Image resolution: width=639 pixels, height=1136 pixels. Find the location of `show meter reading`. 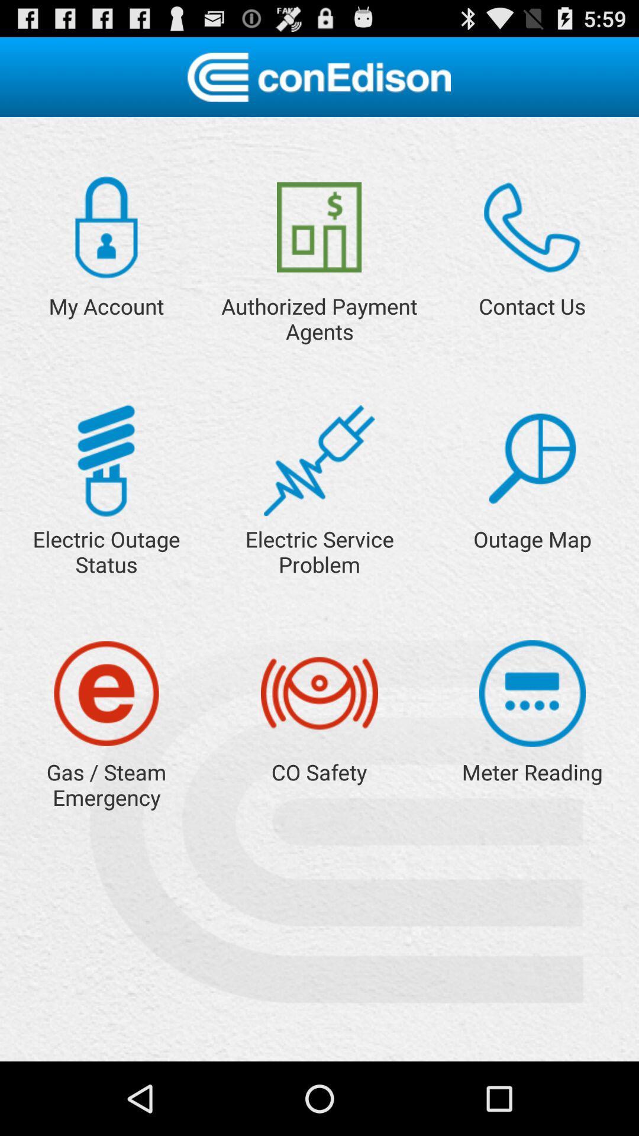

show meter reading is located at coordinates (531, 693).